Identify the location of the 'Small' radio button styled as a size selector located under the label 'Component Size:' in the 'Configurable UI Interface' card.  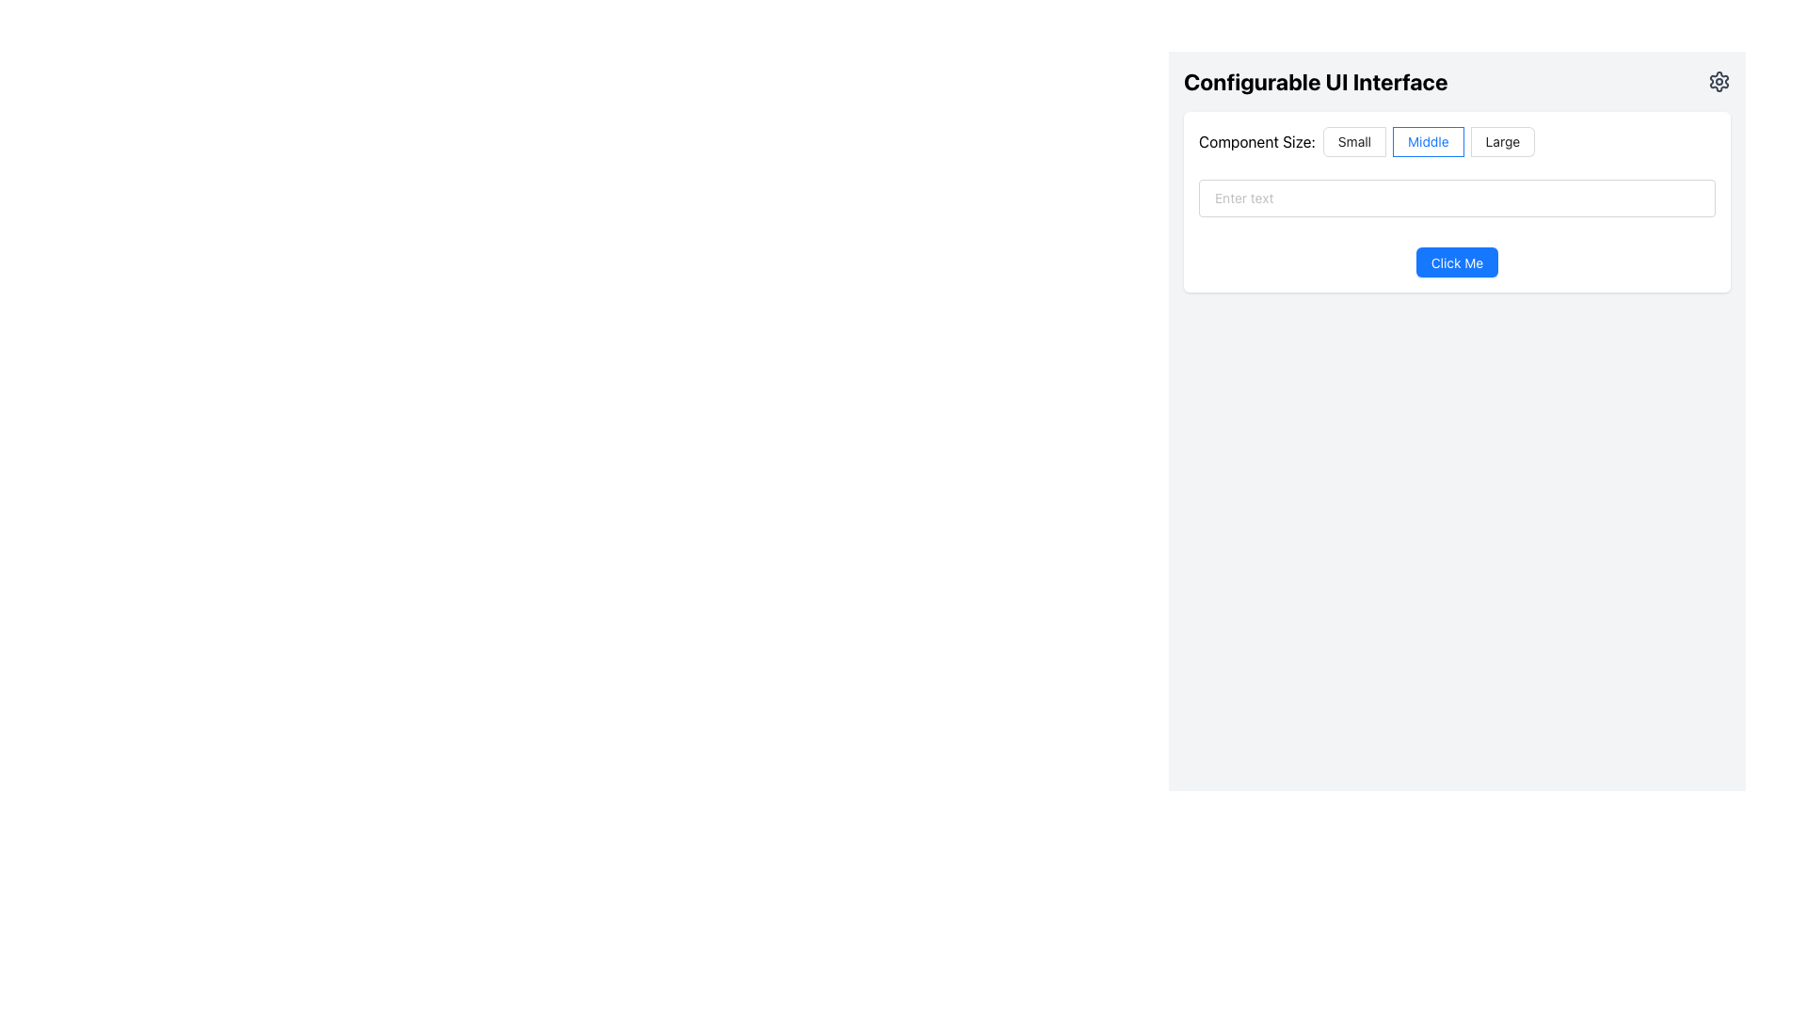
(1353, 140).